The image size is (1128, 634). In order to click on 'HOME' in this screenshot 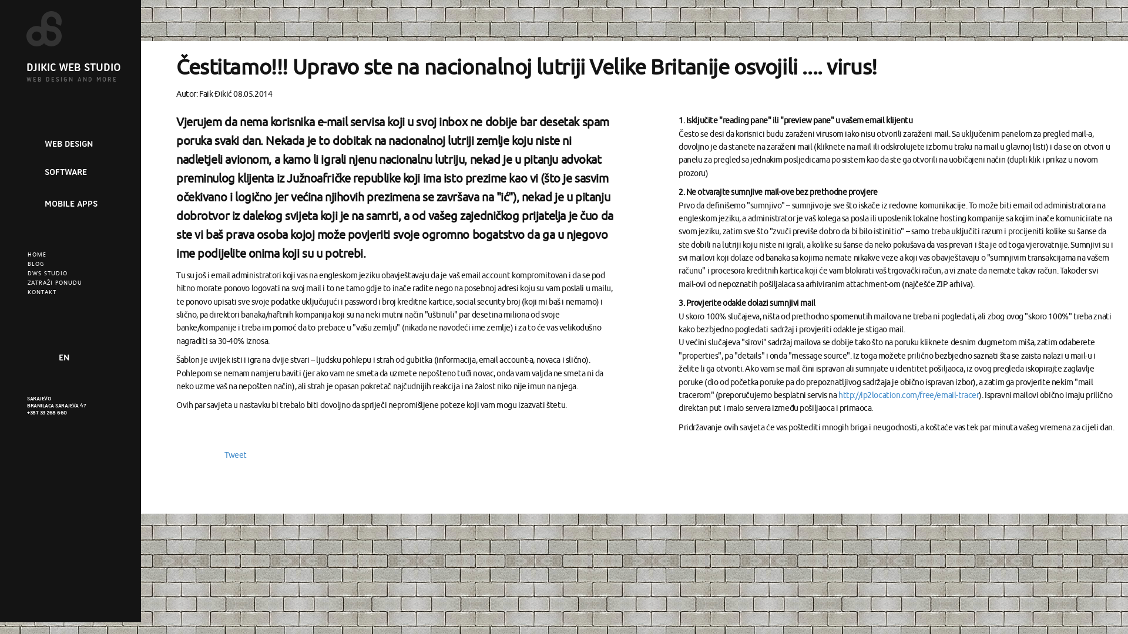, I will do `click(36, 254)`.